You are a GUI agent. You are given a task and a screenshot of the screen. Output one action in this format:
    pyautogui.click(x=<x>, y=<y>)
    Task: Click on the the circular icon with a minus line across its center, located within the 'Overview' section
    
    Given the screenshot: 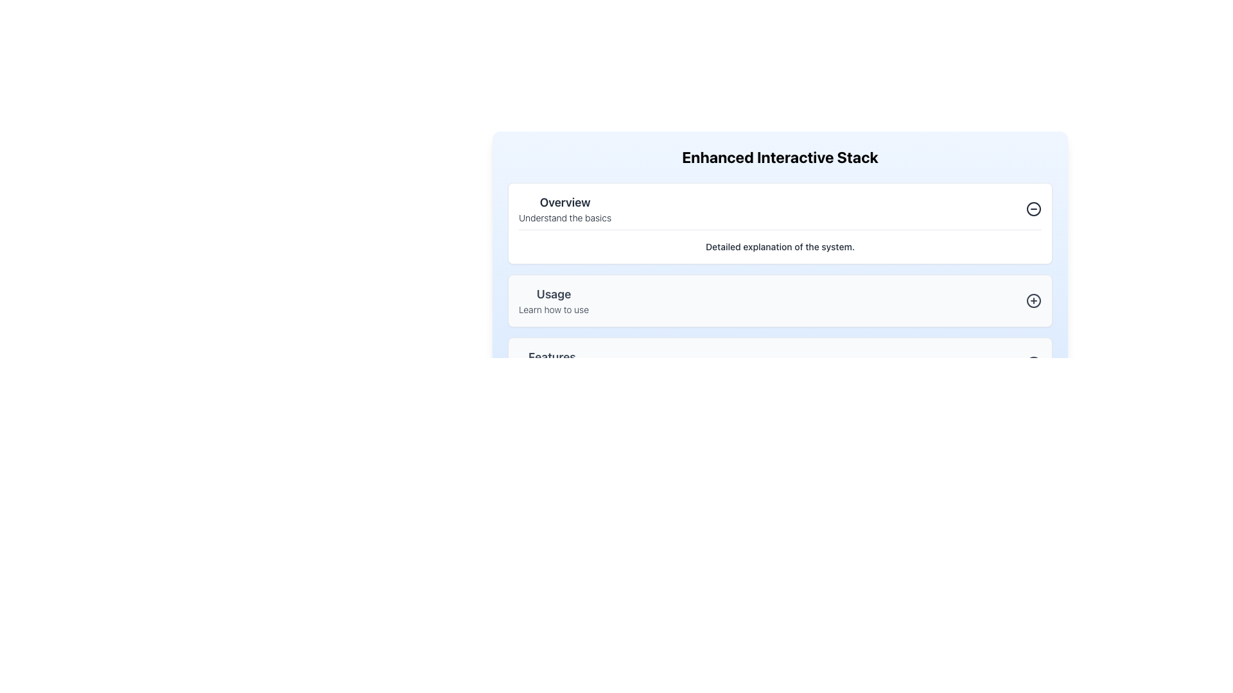 What is the action you would take?
    pyautogui.click(x=1033, y=209)
    